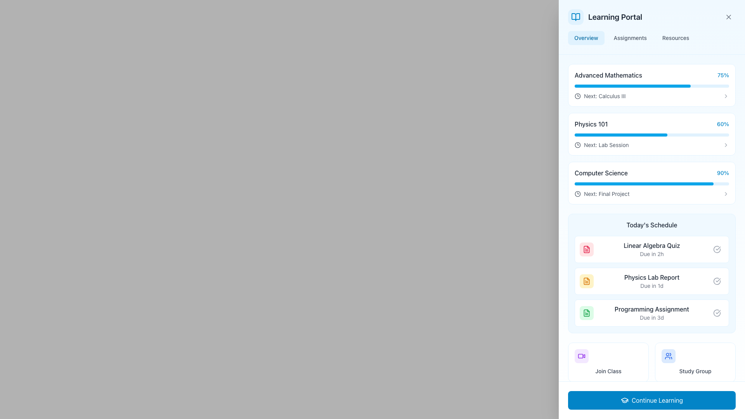 This screenshot has height=419, width=745. I want to click on the logo or emblem located in the top-left corner next to the 'Learning Portal' title, so click(575, 17).